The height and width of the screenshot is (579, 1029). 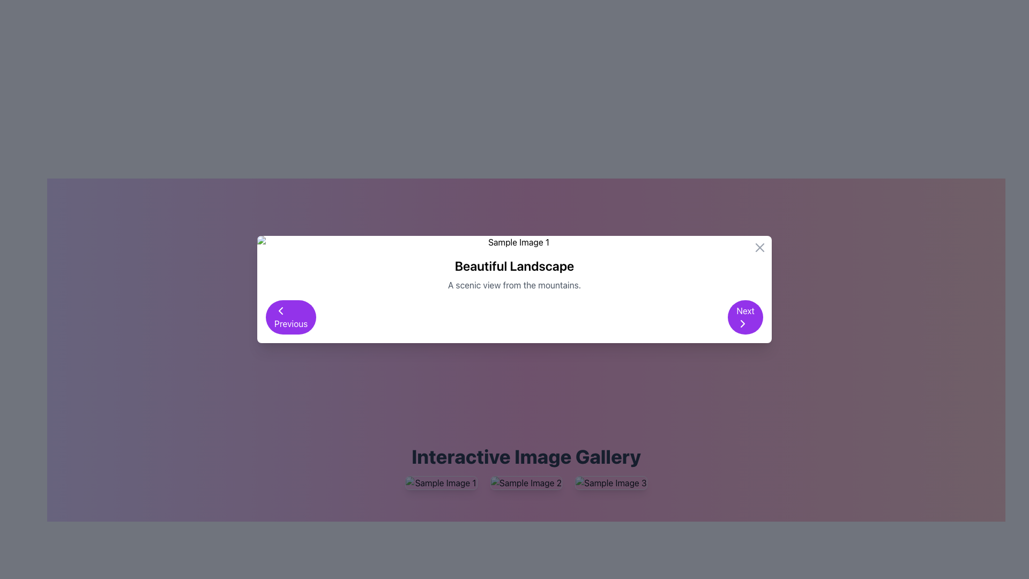 I want to click on the right-pointing chevron icon located inside the 'Next' button at the far right bottom corner of the modal, so click(x=742, y=323).